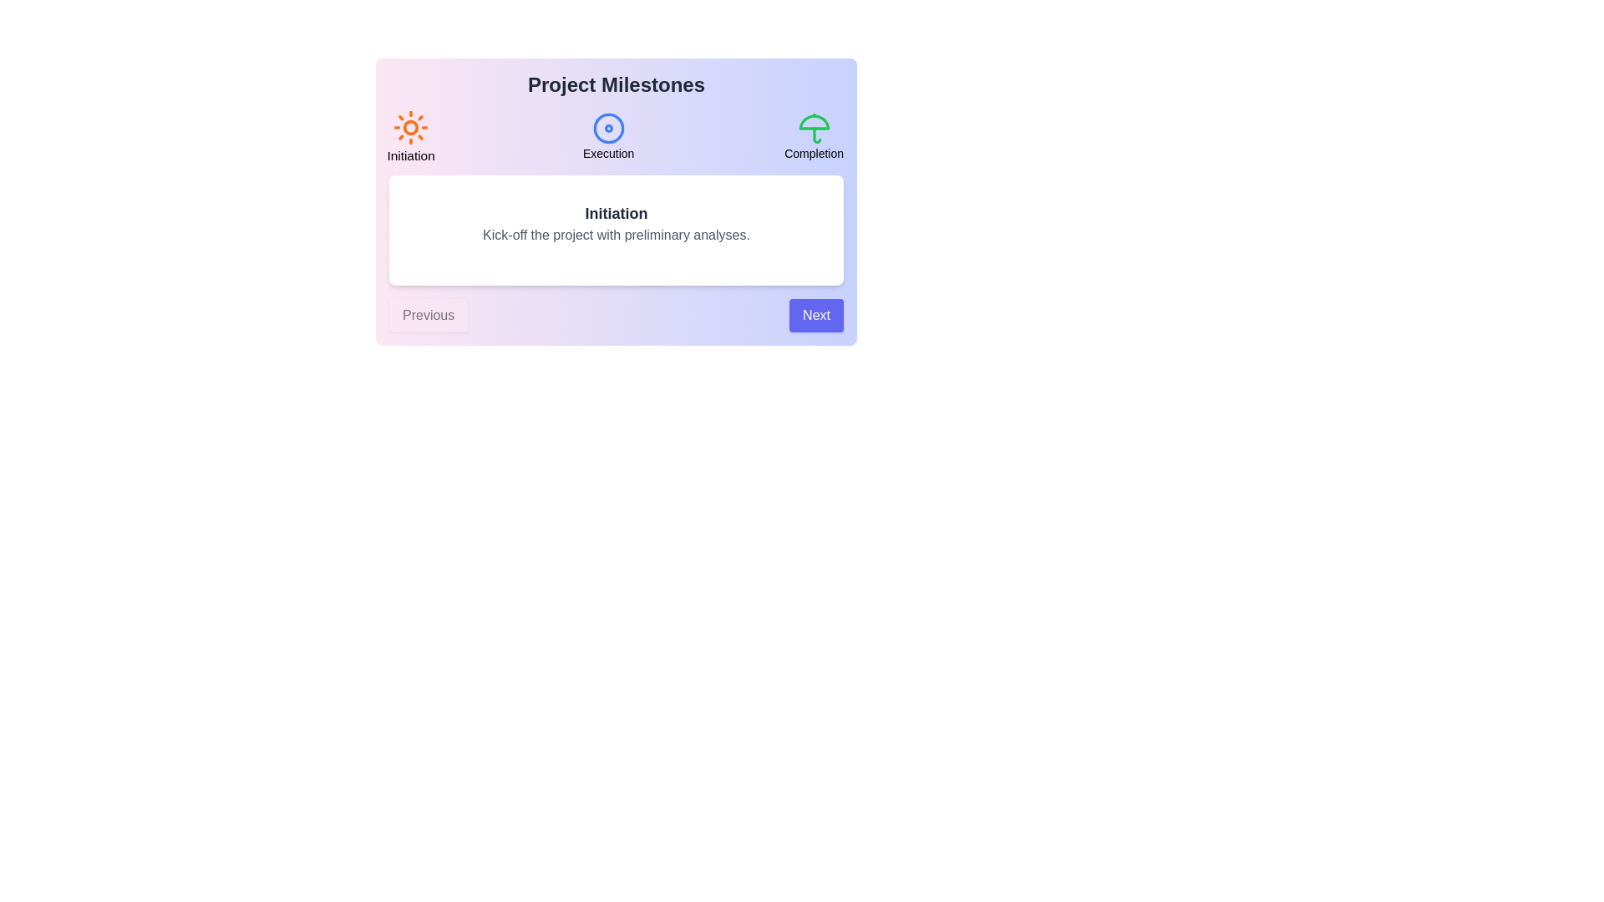 This screenshot has width=1604, height=902. What do you see at coordinates (429, 316) in the screenshot?
I see `the 'Previous' button to navigate to the preceding step` at bounding box center [429, 316].